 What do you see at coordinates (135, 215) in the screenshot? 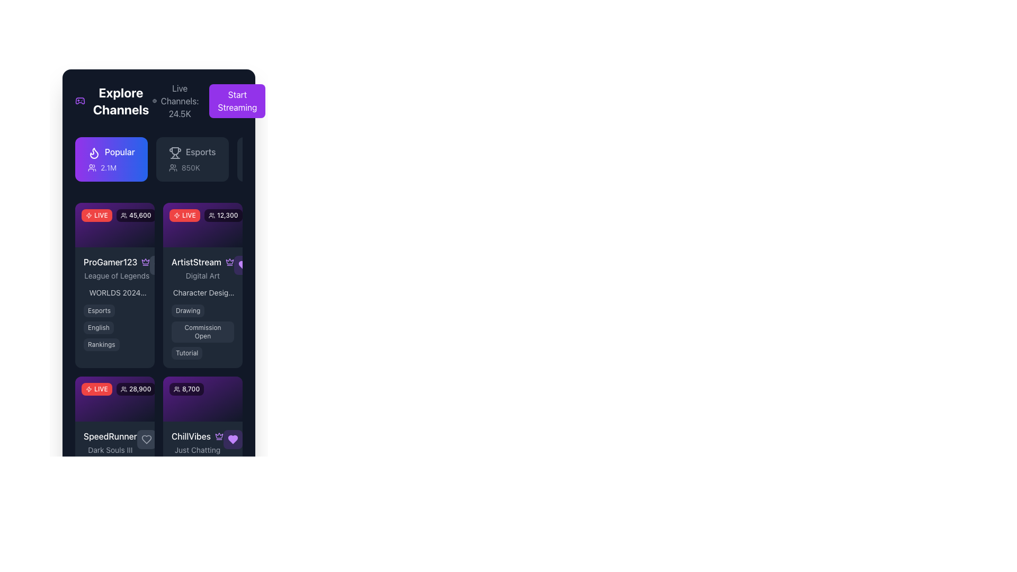
I see `the small rectangular badge displaying the number '45,600' with a user icon` at bounding box center [135, 215].